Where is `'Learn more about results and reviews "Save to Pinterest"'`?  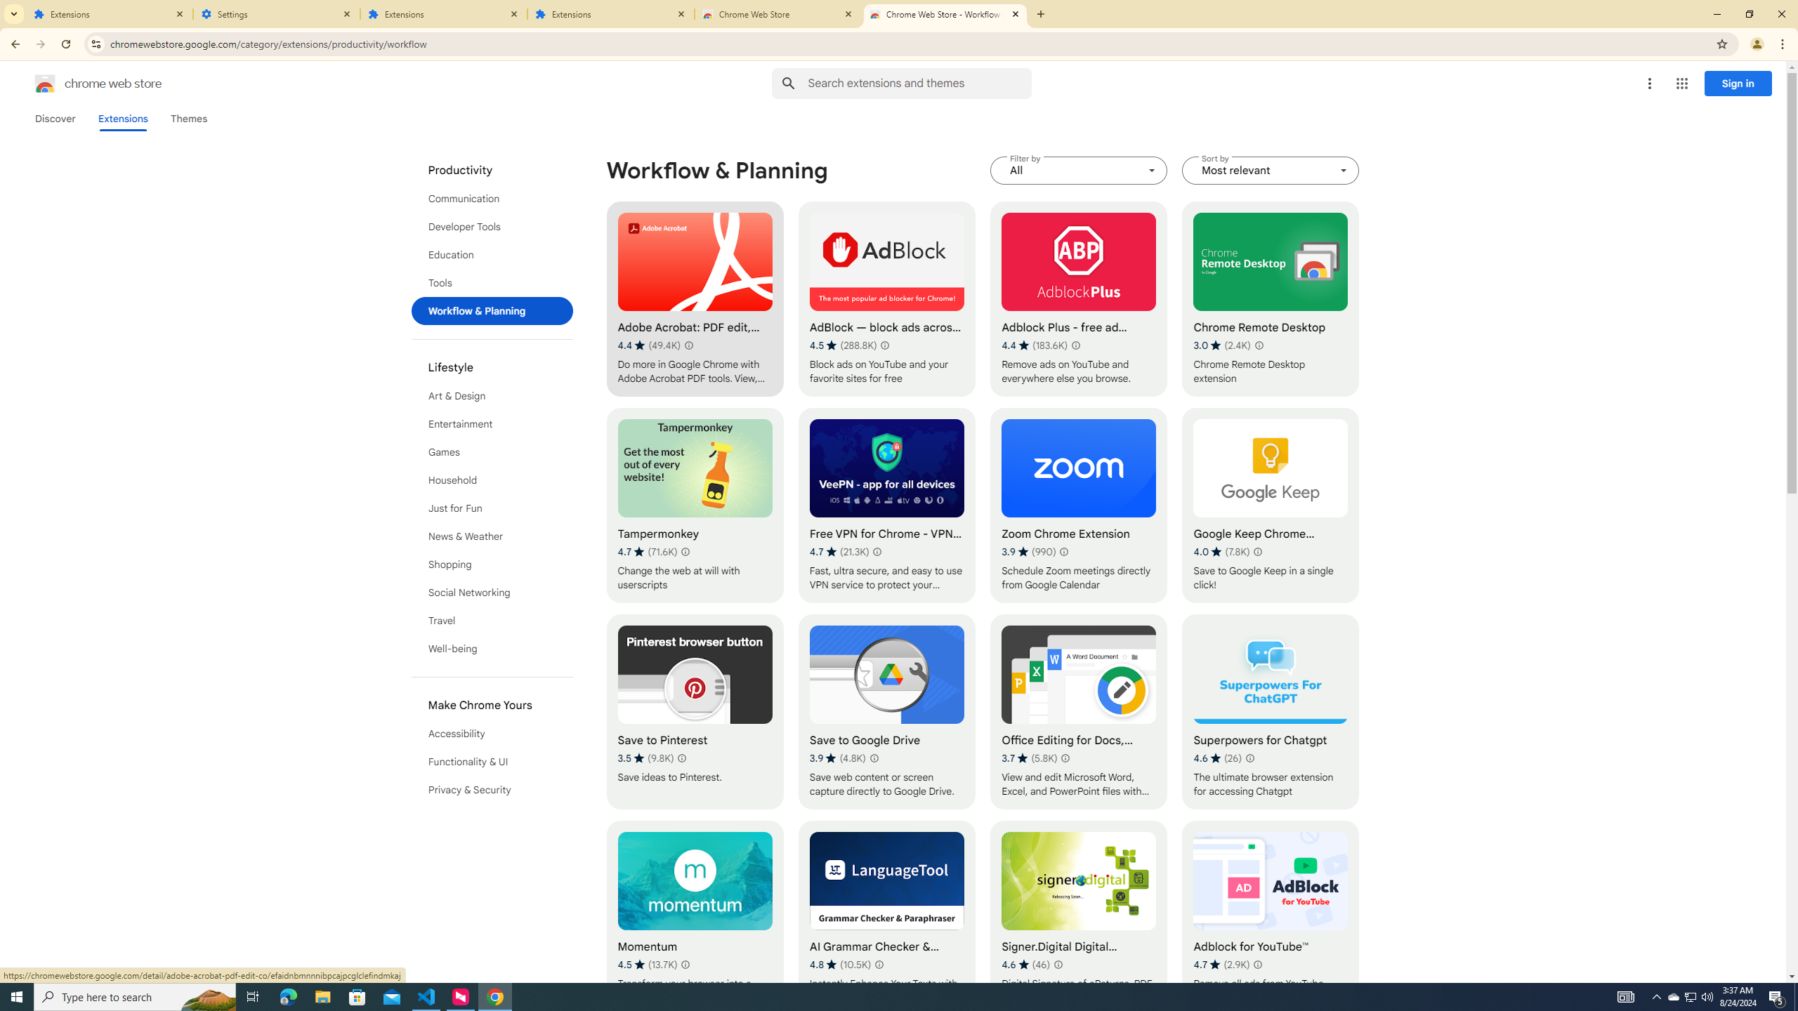
'Learn more about results and reviews "Save to Pinterest"' is located at coordinates (681, 758).